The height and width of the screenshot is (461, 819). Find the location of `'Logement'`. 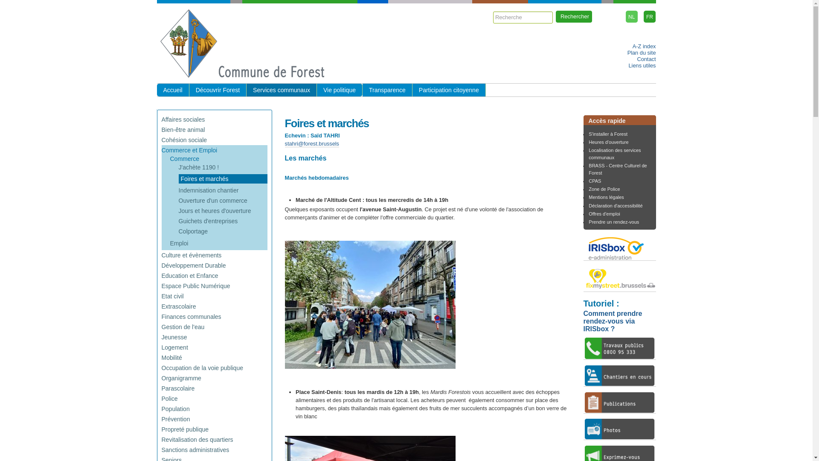

'Logement' is located at coordinates (161, 347).